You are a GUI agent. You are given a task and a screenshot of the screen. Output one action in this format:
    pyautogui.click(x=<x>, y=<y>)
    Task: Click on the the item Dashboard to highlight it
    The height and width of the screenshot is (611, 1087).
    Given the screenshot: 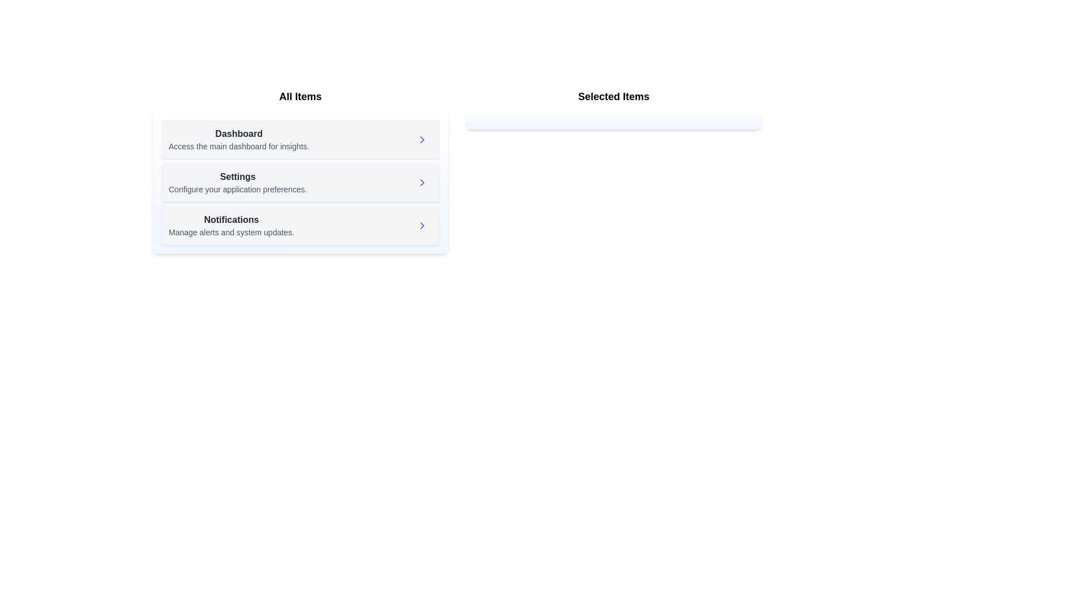 What is the action you would take?
    pyautogui.click(x=238, y=139)
    